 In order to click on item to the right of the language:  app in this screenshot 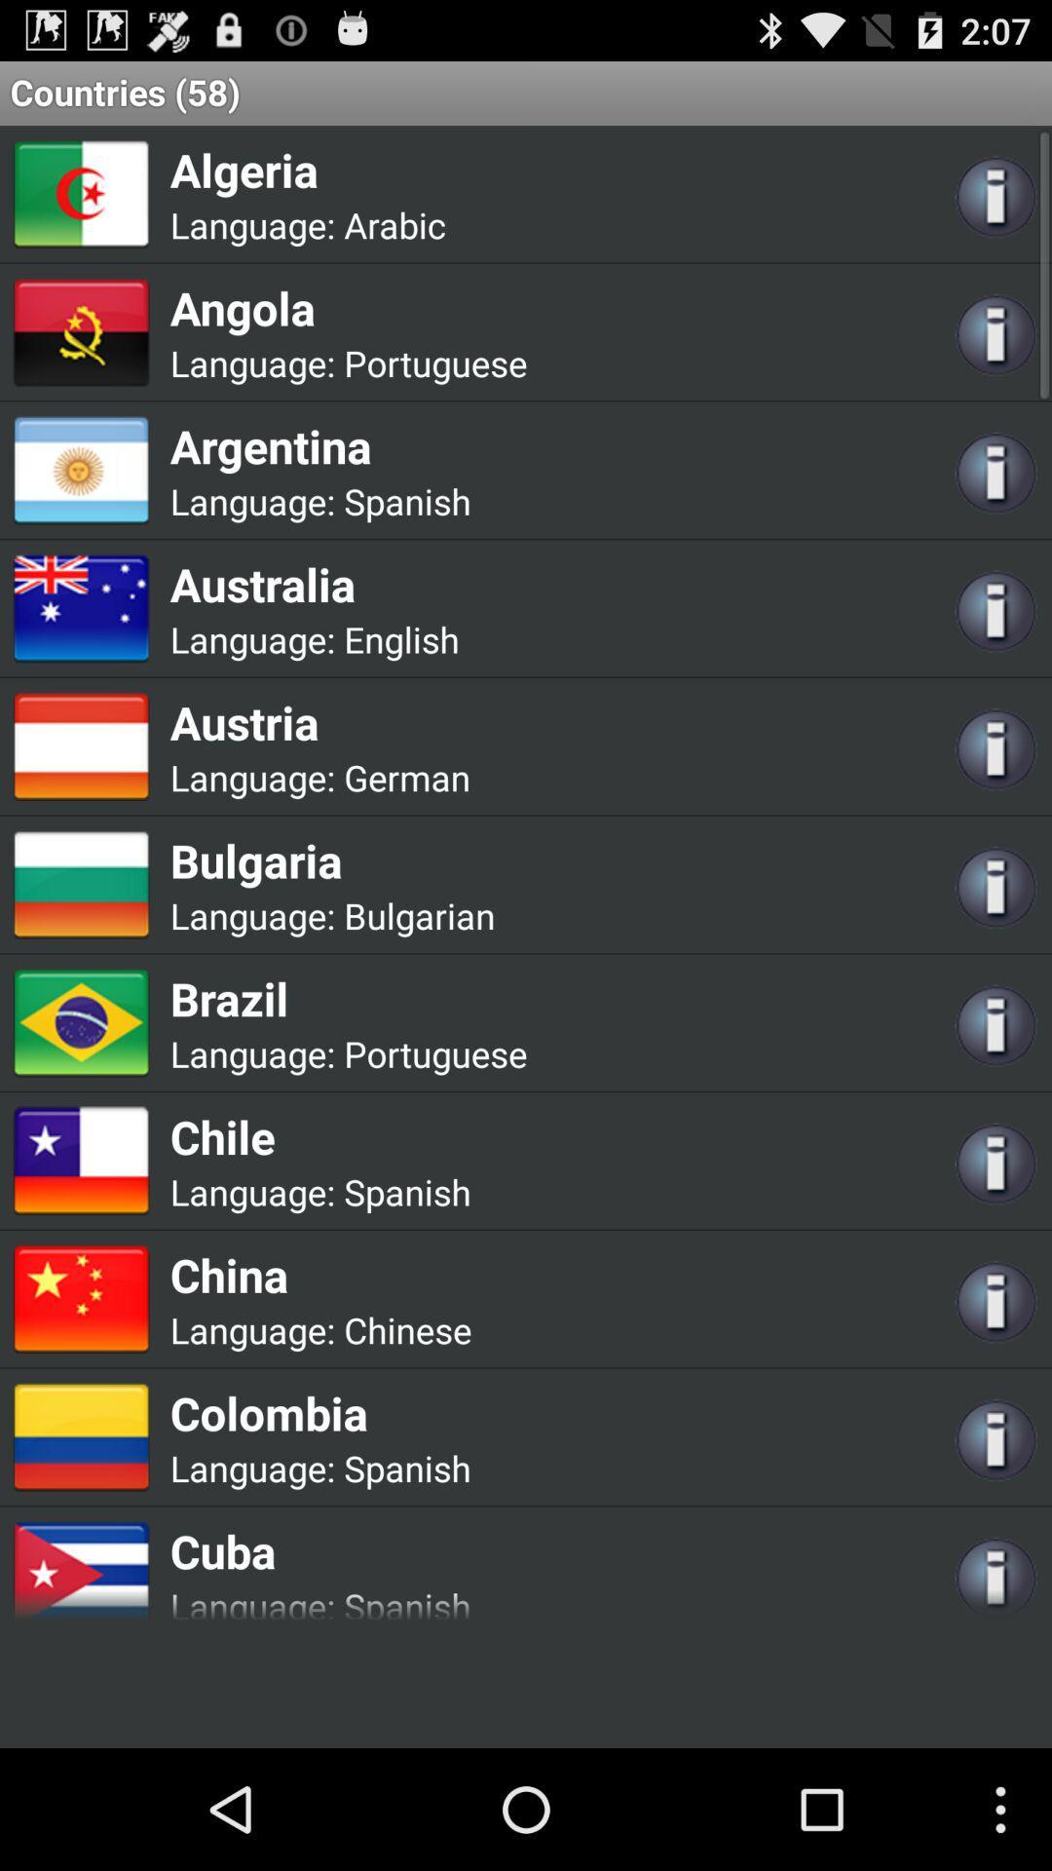, I will do `click(406, 1328)`.